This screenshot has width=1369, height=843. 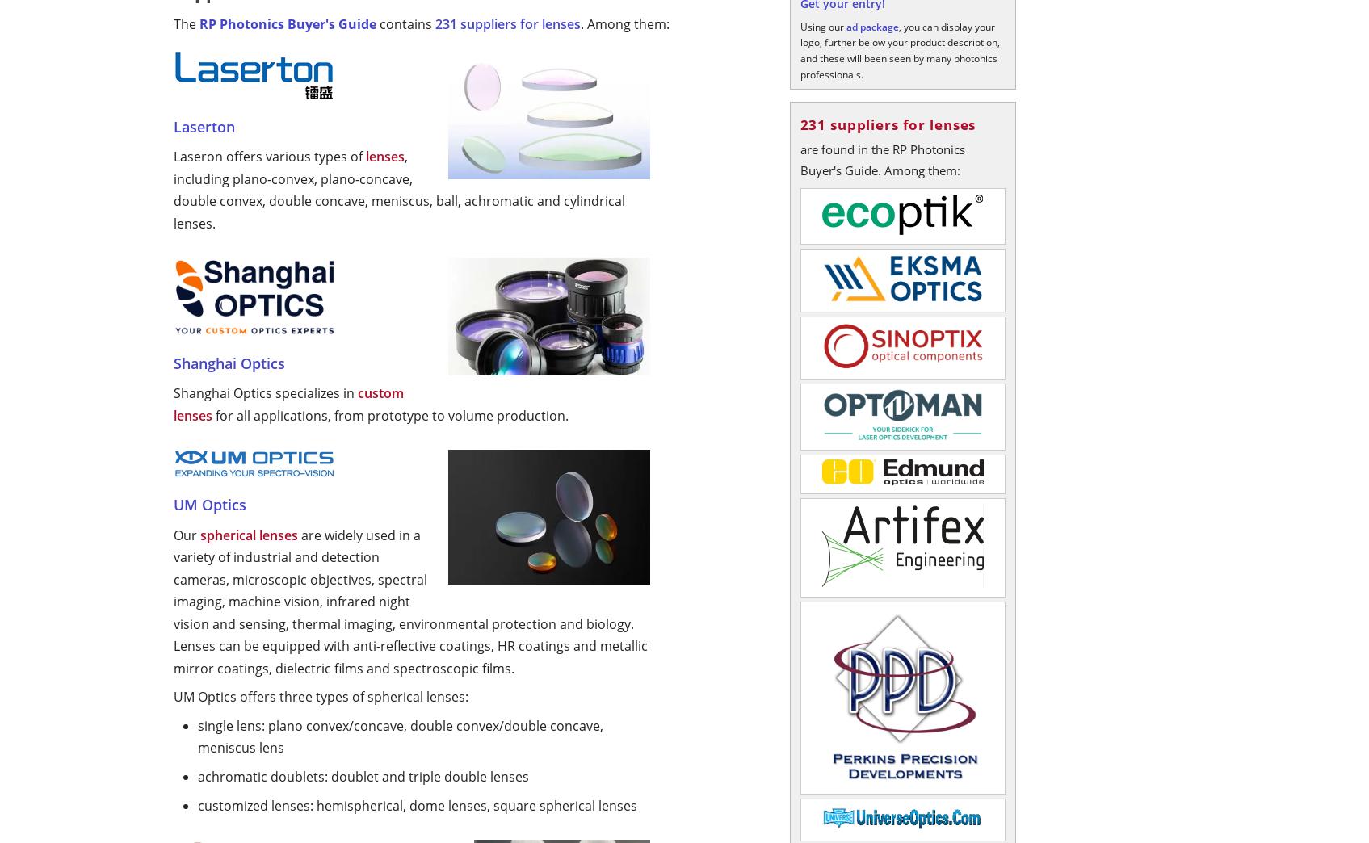 I want to click on 'Shanghai Optics specializes in', so click(x=264, y=393).